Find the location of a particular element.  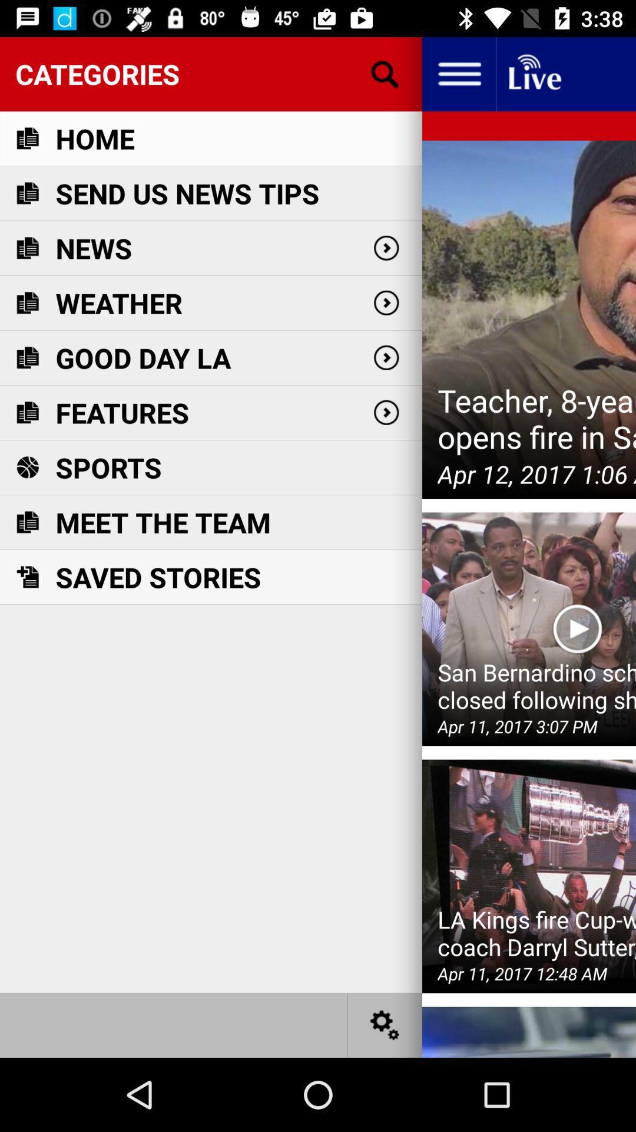

the search icon is located at coordinates (385, 73).